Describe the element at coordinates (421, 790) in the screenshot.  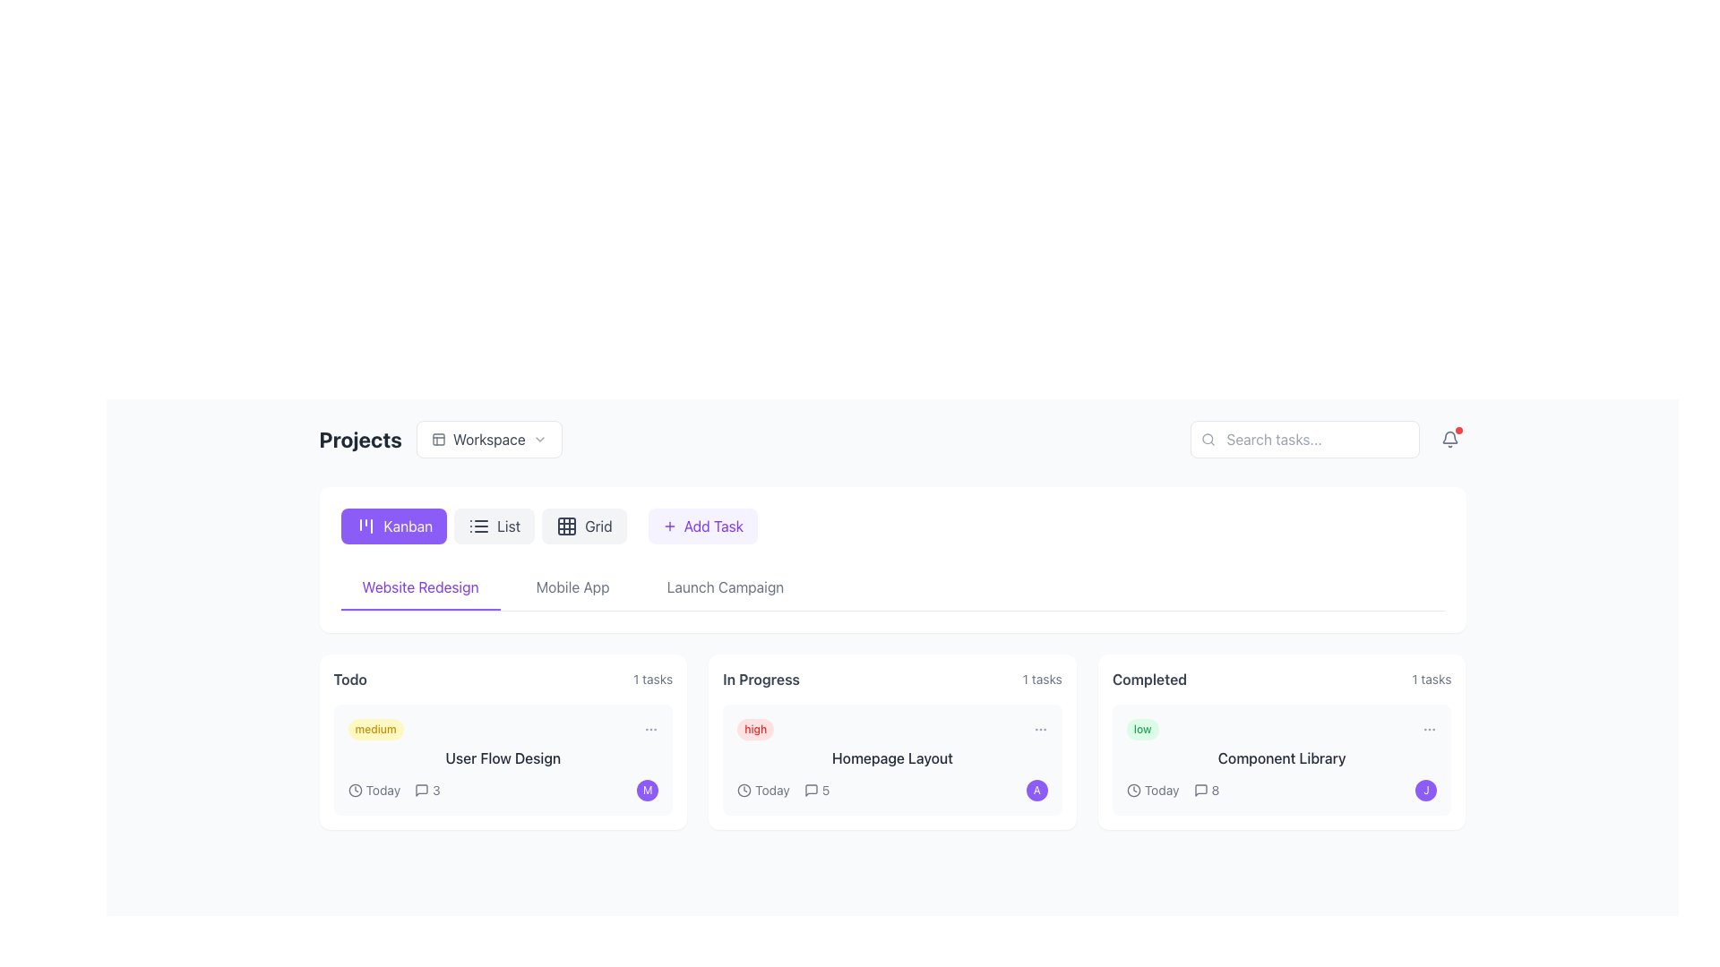
I see `the small square-shaped speech bubble icon located in the 'To Do' section, underneath the 'User Flow Design' task card` at that location.